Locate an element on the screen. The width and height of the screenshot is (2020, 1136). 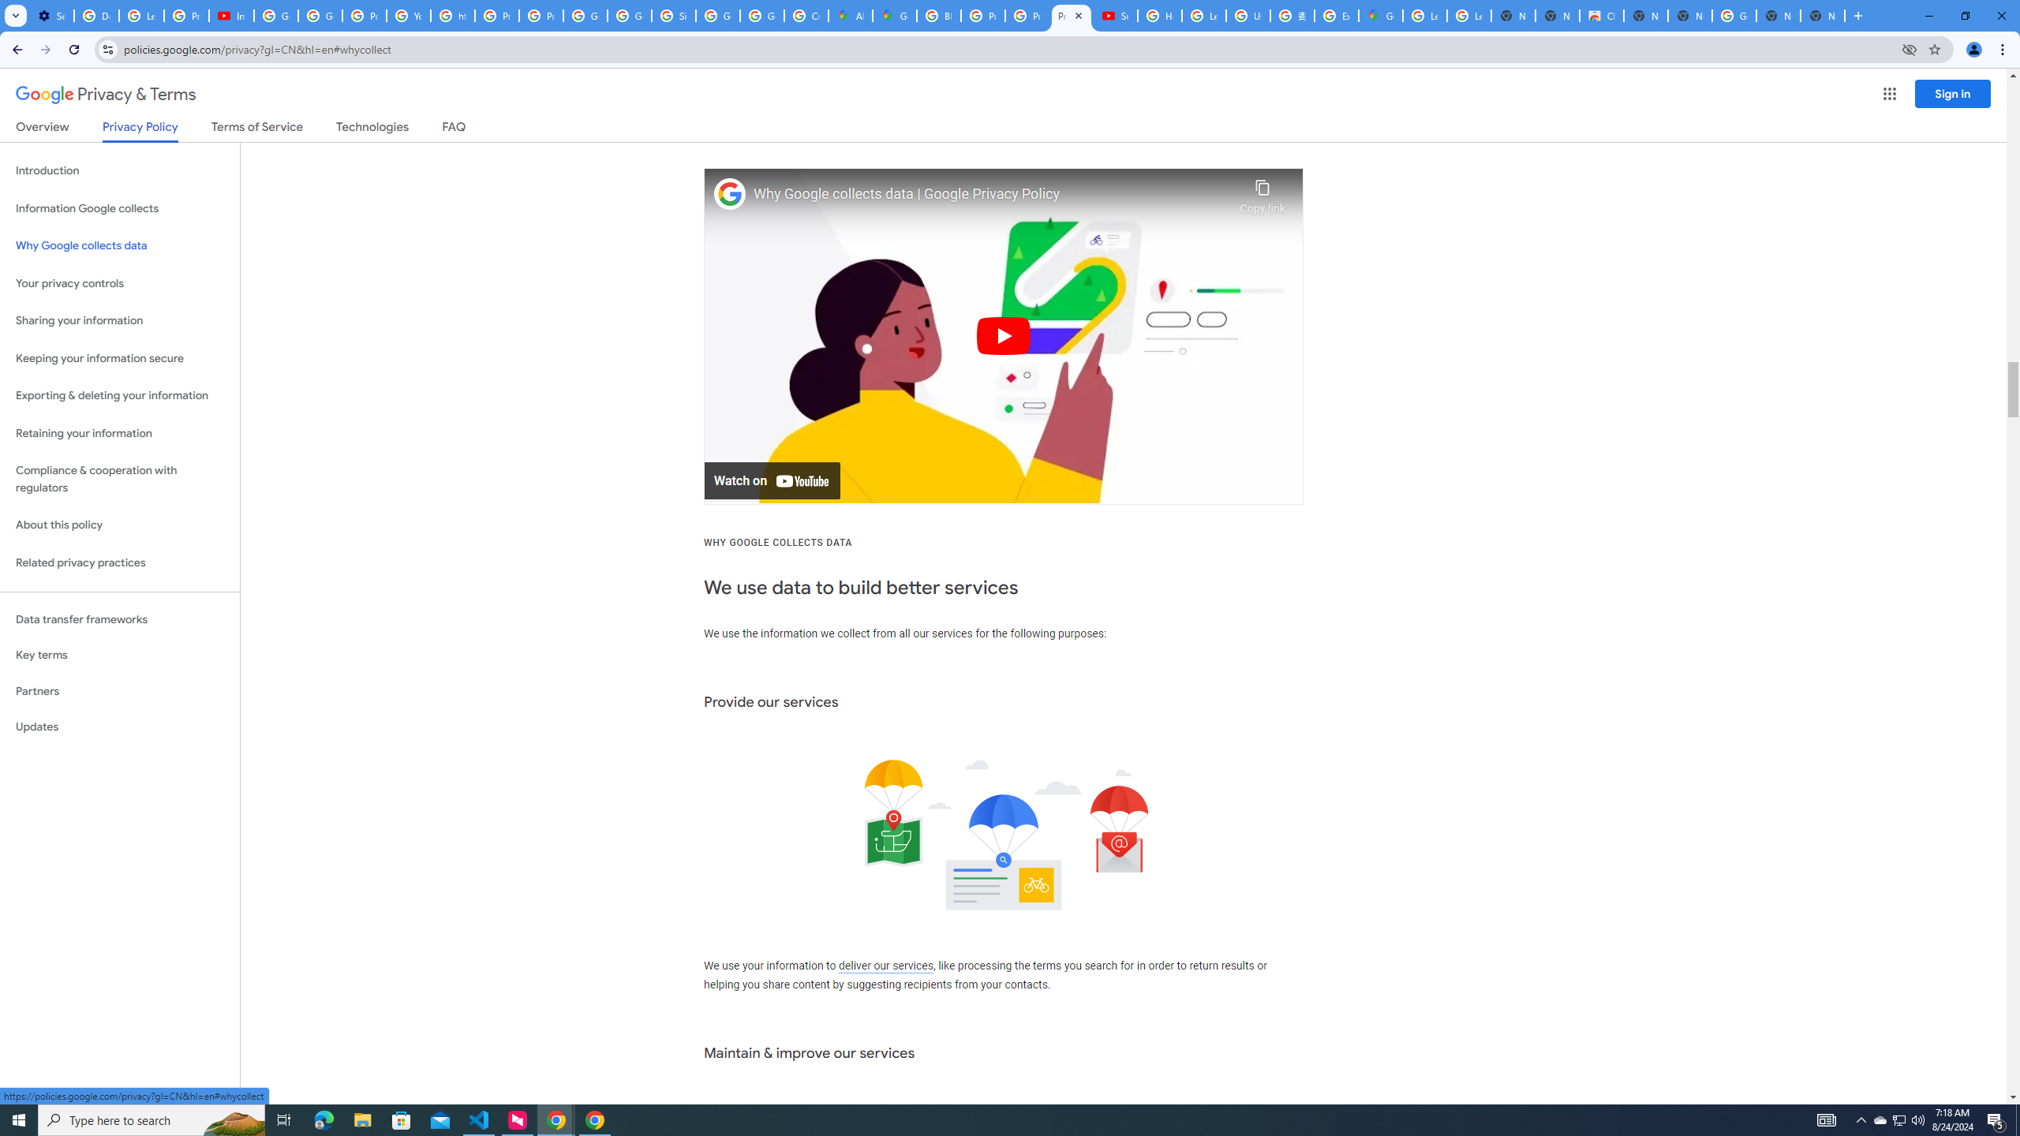
'Chrome Web Store' is located at coordinates (1602, 15).